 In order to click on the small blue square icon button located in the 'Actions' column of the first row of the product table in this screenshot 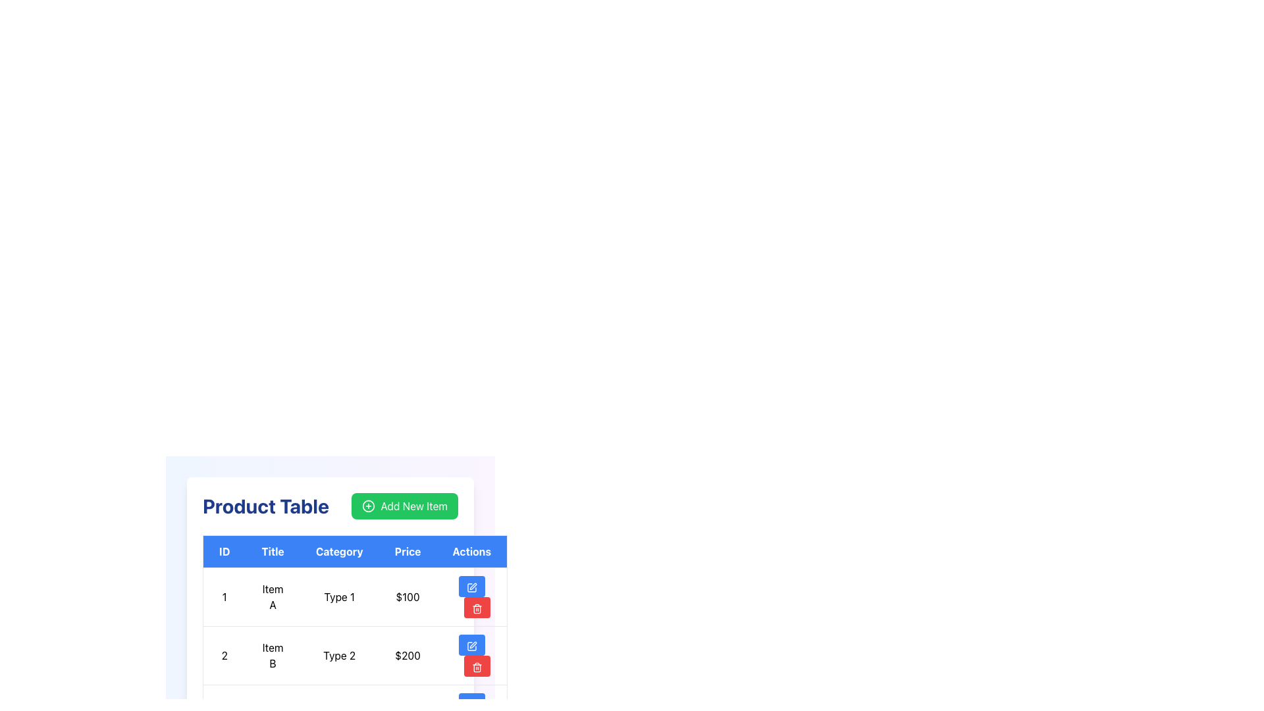, I will do `click(471, 587)`.